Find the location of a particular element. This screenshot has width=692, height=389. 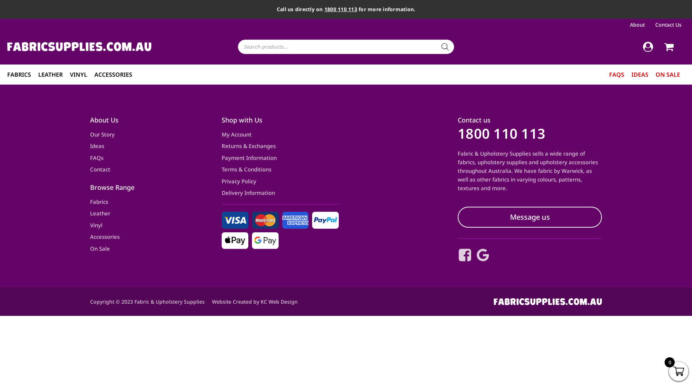

'Contact' is located at coordinates (100, 169).